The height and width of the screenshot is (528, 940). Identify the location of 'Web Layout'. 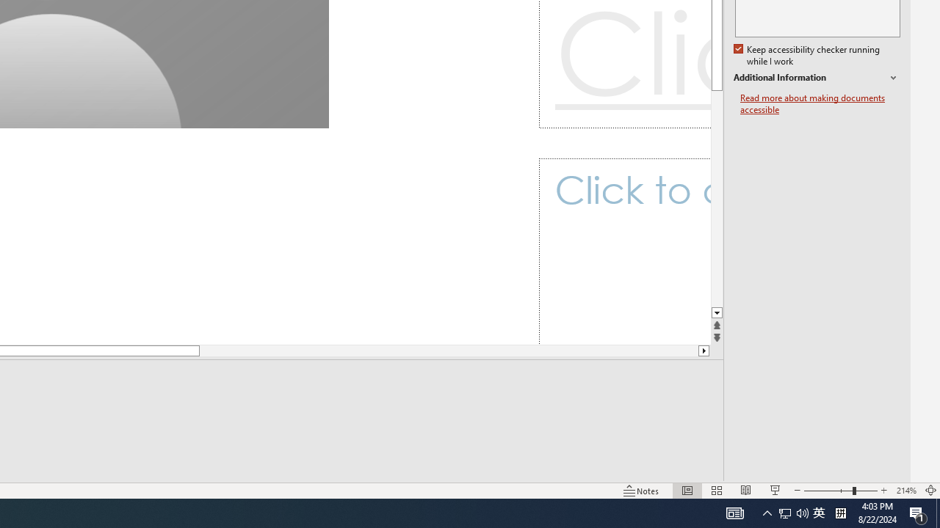
(723, 469).